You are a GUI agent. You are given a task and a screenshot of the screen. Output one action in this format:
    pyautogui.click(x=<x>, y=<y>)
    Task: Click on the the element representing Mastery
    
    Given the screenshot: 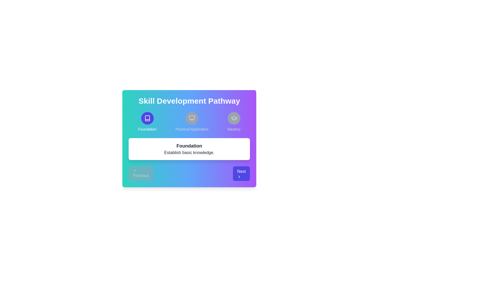 What is the action you would take?
    pyautogui.click(x=233, y=122)
    